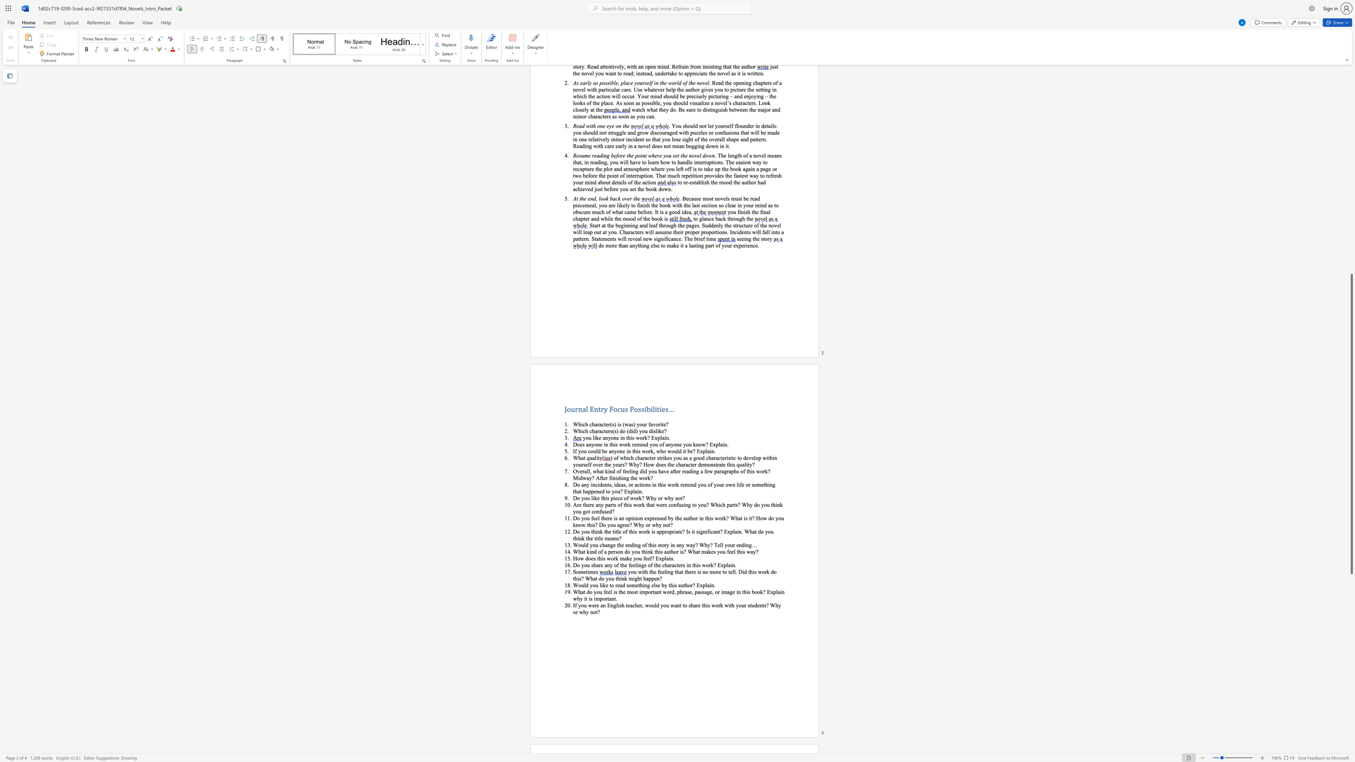 This screenshot has height=762, width=1355. Describe the element at coordinates (682, 504) in the screenshot. I see `the 3th character "s" in the text` at that location.